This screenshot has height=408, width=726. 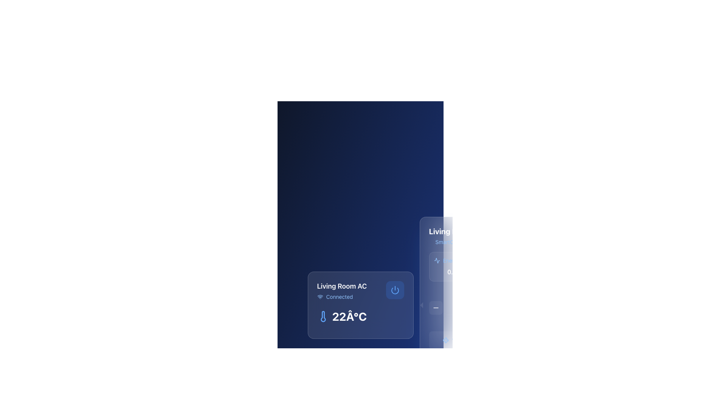 What do you see at coordinates (437, 260) in the screenshot?
I see `the 'Energy Usage' icon located on the leftmost side of the section, which visually represents energy usage context` at bounding box center [437, 260].